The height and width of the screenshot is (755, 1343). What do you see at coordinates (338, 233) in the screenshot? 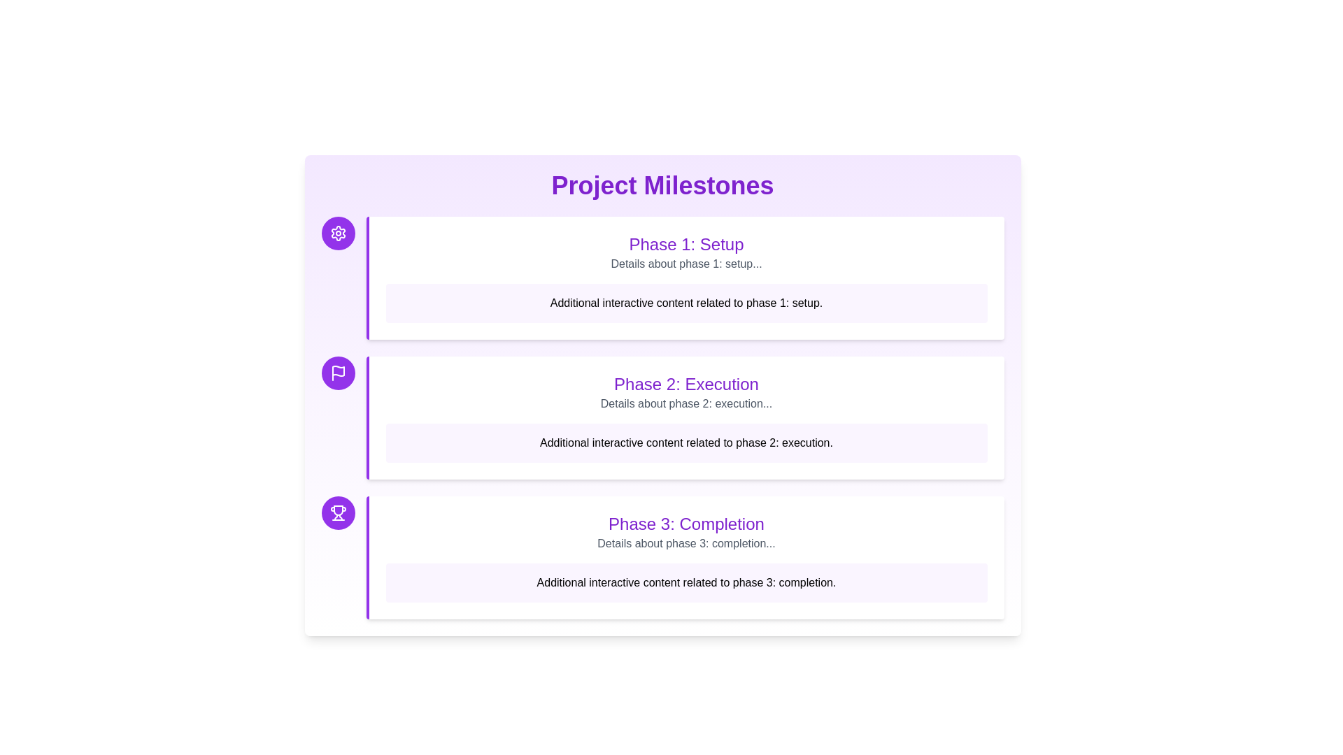
I see `the circular button with a purple background and a white settings gear icon` at bounding box center [338, 233].